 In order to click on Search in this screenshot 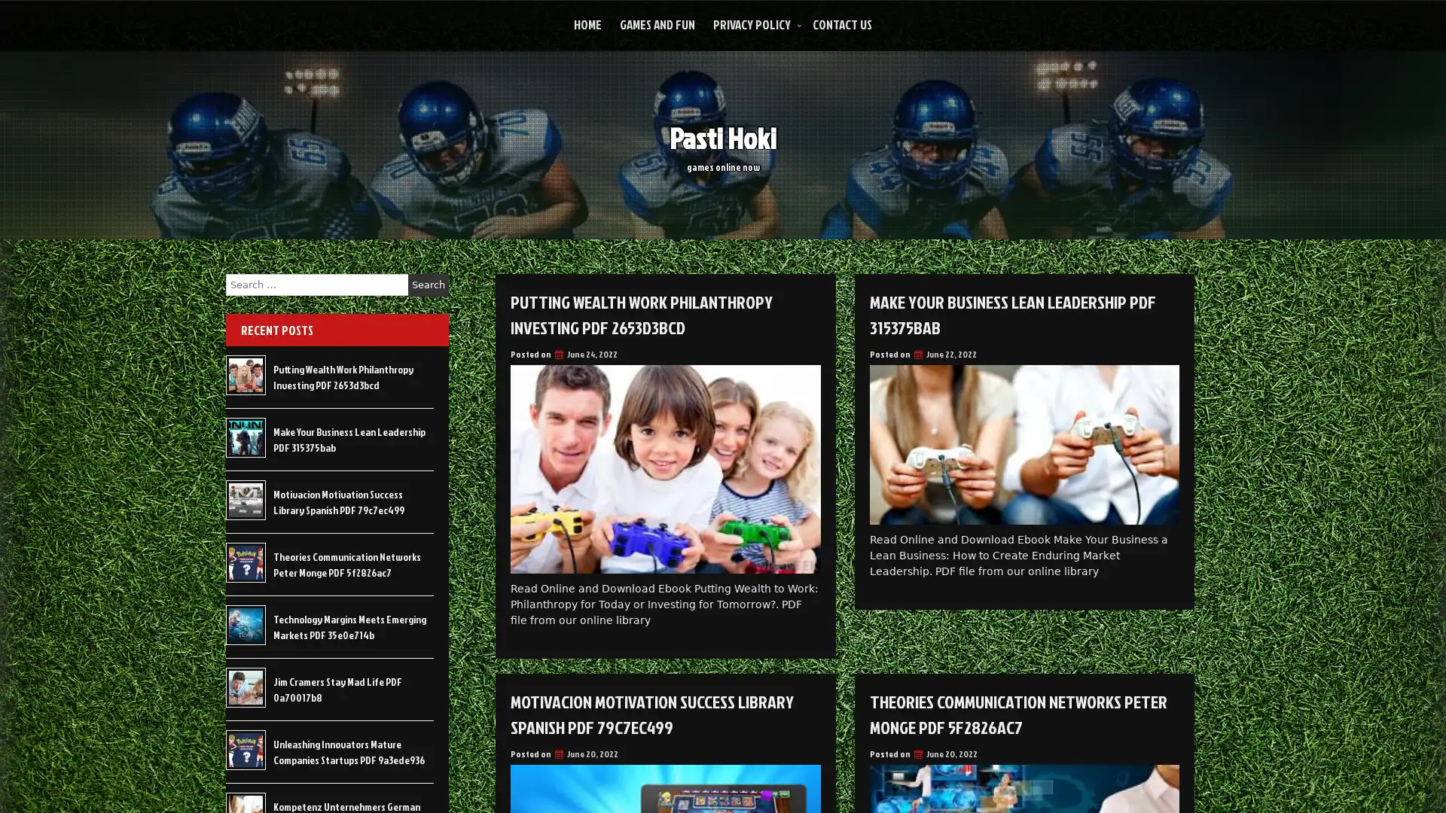, I will do `click(428, 285)`.